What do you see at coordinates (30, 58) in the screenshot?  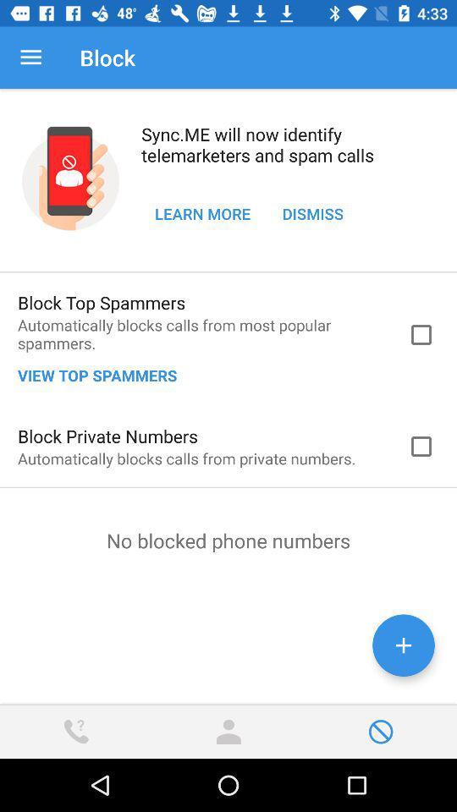 I see `the item to the left of block item` at bounding box center [30, 58].